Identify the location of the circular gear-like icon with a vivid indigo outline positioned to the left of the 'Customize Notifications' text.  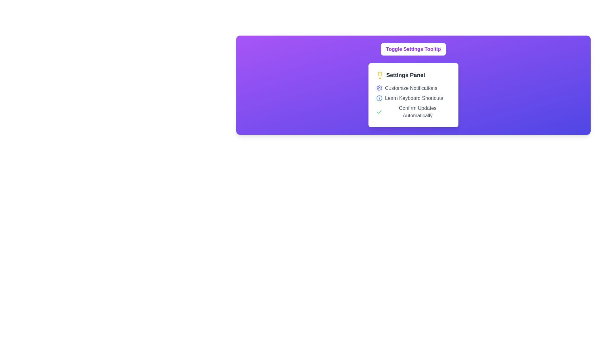
(379, 88).